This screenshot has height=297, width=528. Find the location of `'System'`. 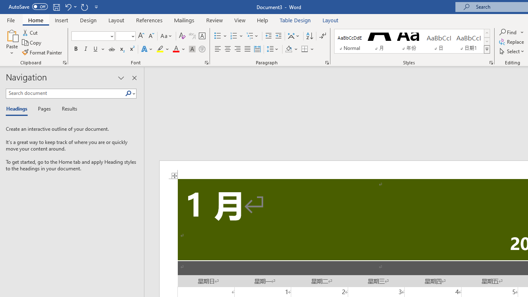

'System' is located at coordinates (4, 5).